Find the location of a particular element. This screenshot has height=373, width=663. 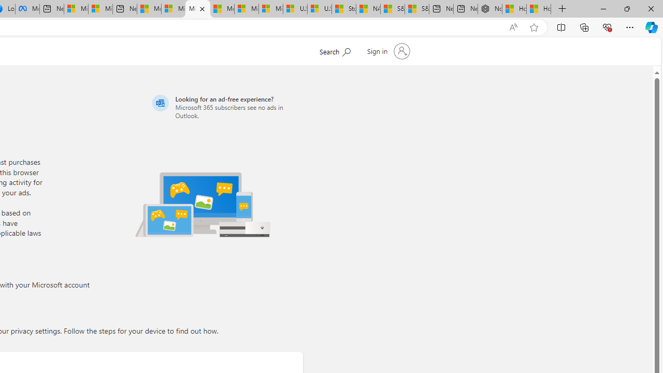

'Restore' is located at coordinates (626, 8).